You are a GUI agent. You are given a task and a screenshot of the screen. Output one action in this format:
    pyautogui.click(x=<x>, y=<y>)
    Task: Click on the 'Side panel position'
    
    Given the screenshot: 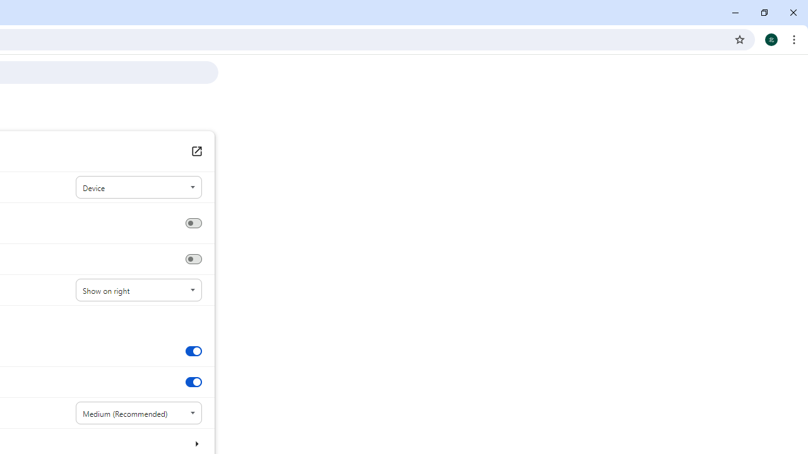 What is the action you would take?
    pyautogui.click(x=138, y=290)
    